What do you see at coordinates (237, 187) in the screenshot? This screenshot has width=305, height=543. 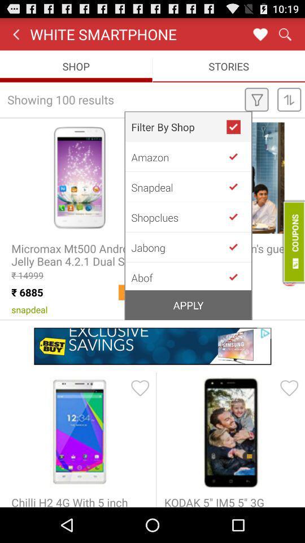 I see `snapdeal selected` at bounding box center [237, 187].